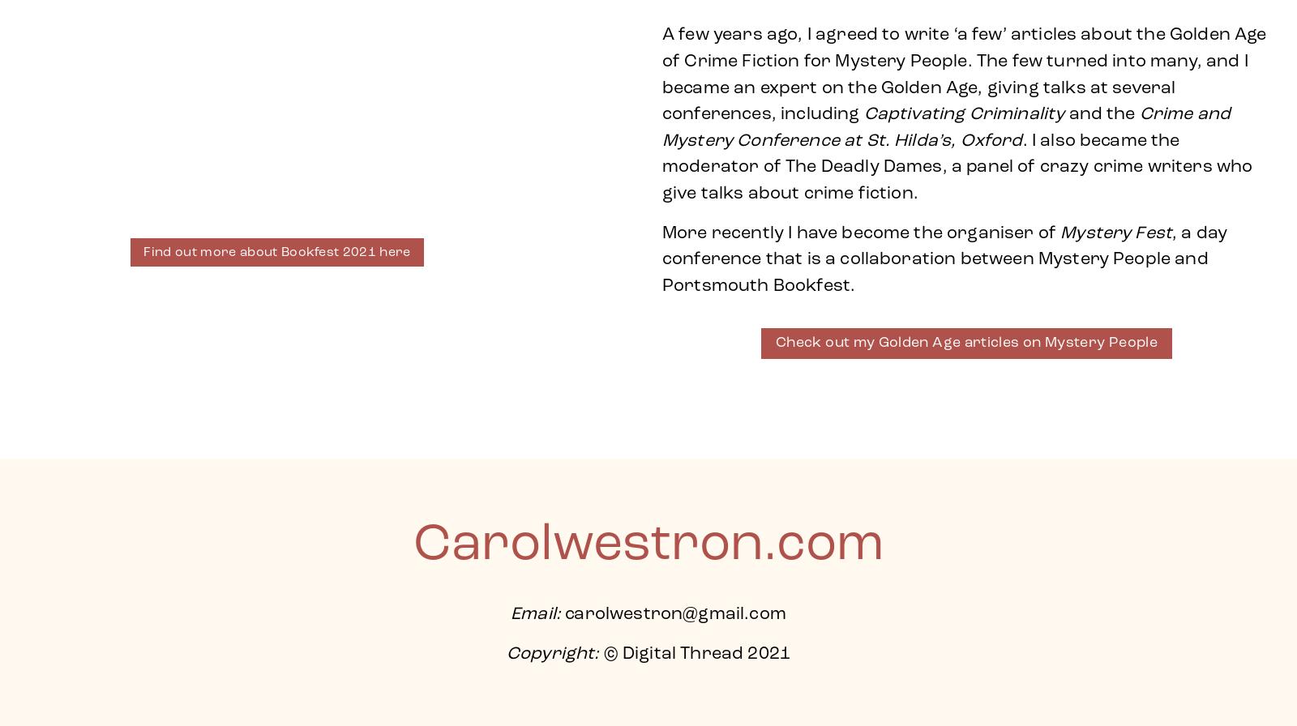 This screenshot has height=726, width=1297. Describe the element at coordinates (661, 233) in the screenshot. I see `'More recently I have become the organiser of'` at that location.